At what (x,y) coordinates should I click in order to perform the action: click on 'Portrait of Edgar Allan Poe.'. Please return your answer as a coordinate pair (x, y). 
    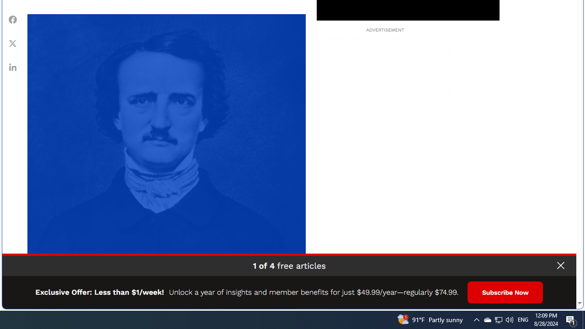
    Looking at the image, I should click on (166, 153).